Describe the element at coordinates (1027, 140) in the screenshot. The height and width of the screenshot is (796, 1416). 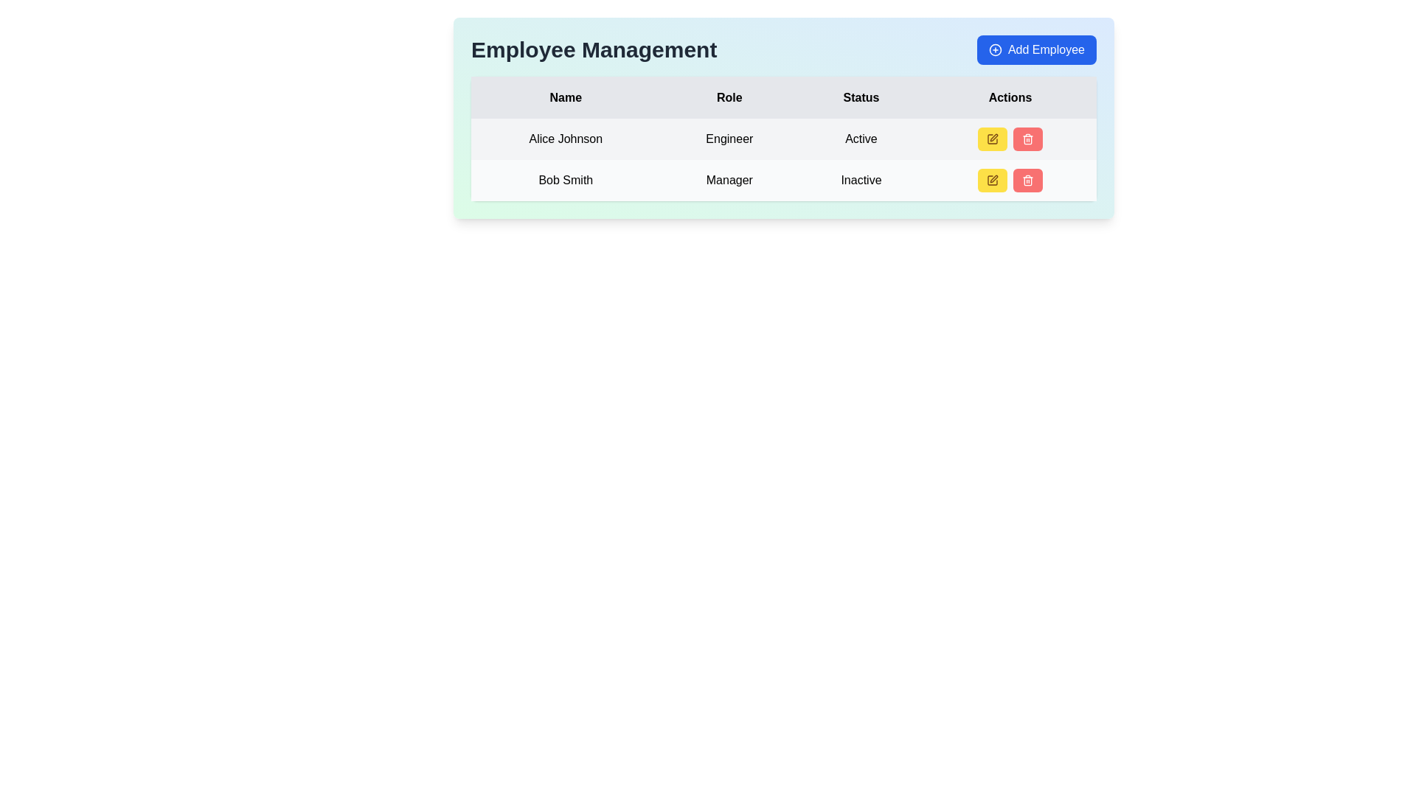
I see `the trash can icon in the rightmost action column of the second row in the Employee Management table` at that location.